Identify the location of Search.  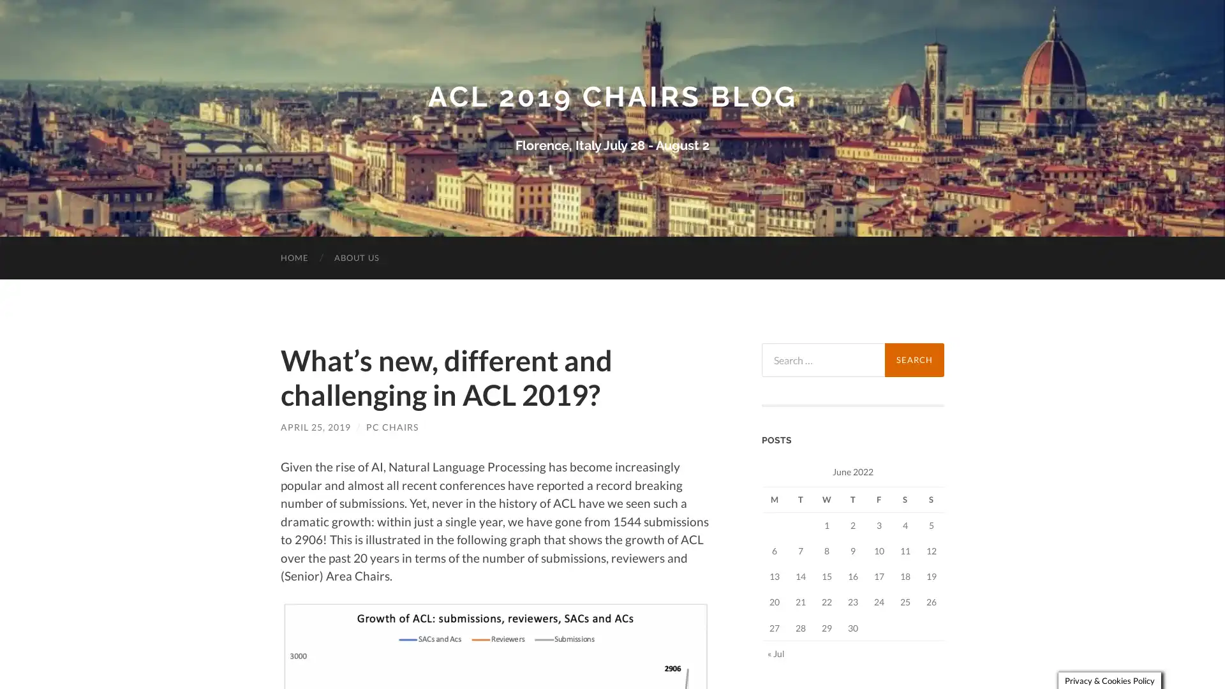
(914, 359).